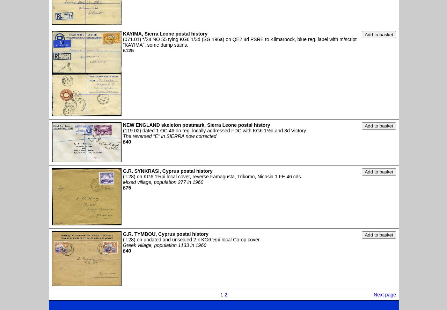 This screenshot has height=310, width=447. What do you see at coordinates (226, 294) in the screenshot?
I see `'2'` at bounding box center [226, 294].